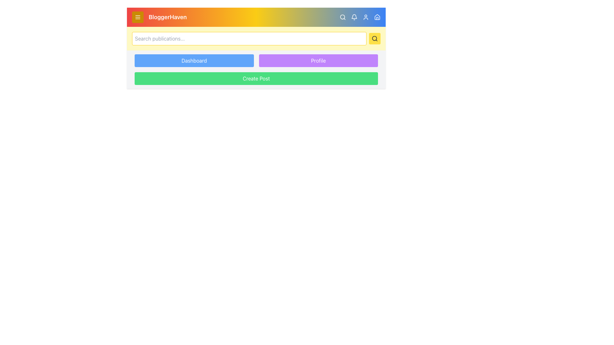 This screenshot has height=345, width=614. I want to click on the vibrant yellow rectangular button with a hamburger menu icon, so click(138, 17).